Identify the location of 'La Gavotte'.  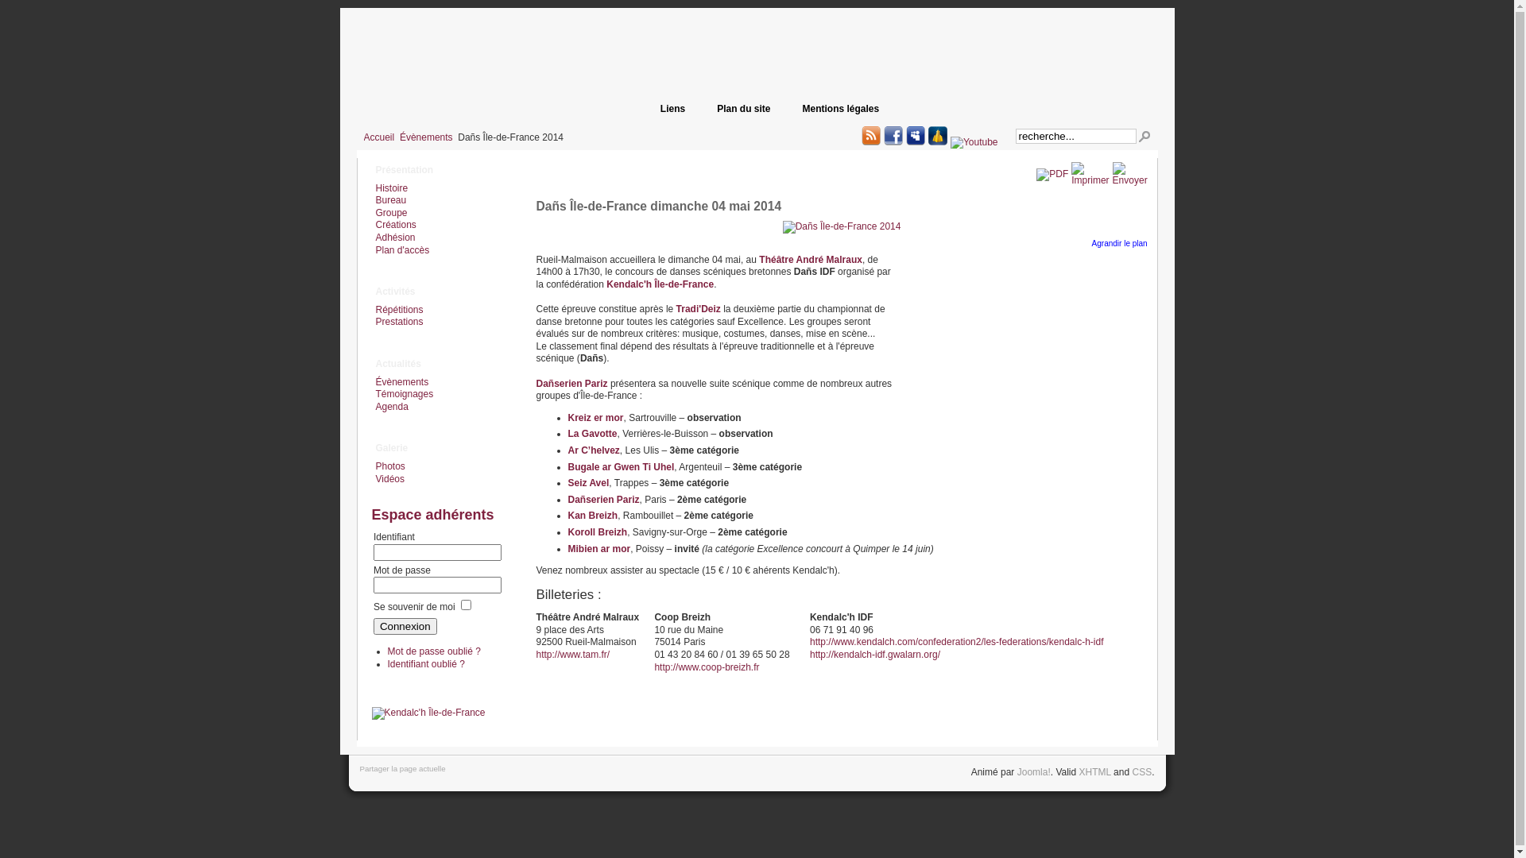
(591, 434).